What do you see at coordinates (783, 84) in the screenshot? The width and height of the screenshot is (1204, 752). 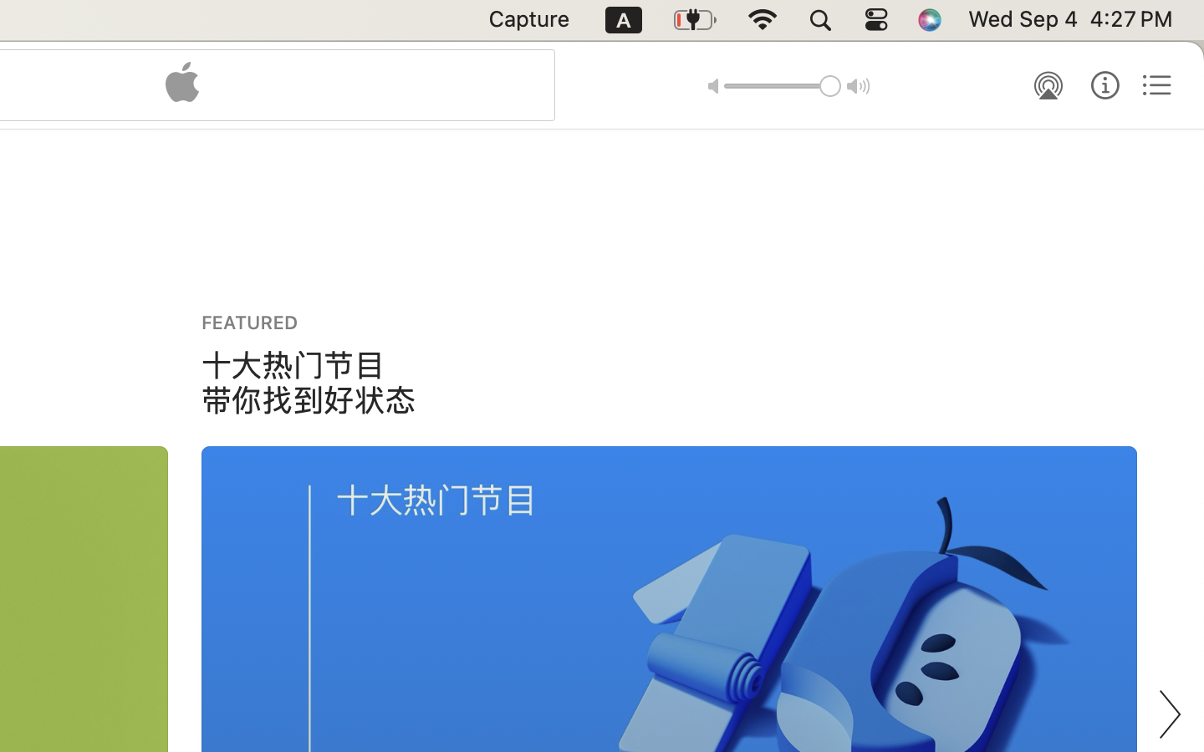 I see `'1.0'` at bounding box center [783, 84].